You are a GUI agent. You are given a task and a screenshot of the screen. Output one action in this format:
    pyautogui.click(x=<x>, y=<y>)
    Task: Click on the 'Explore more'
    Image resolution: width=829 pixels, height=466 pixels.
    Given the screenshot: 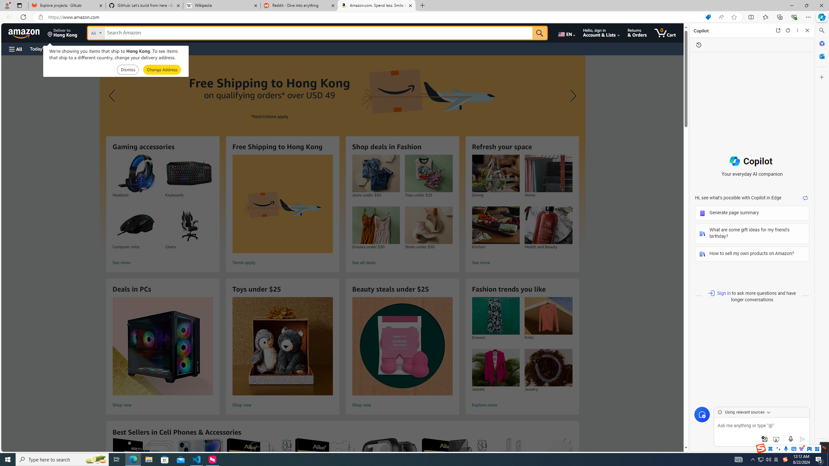 What is the action you would take?
    pyautogui.click(x=522, y=405)
    